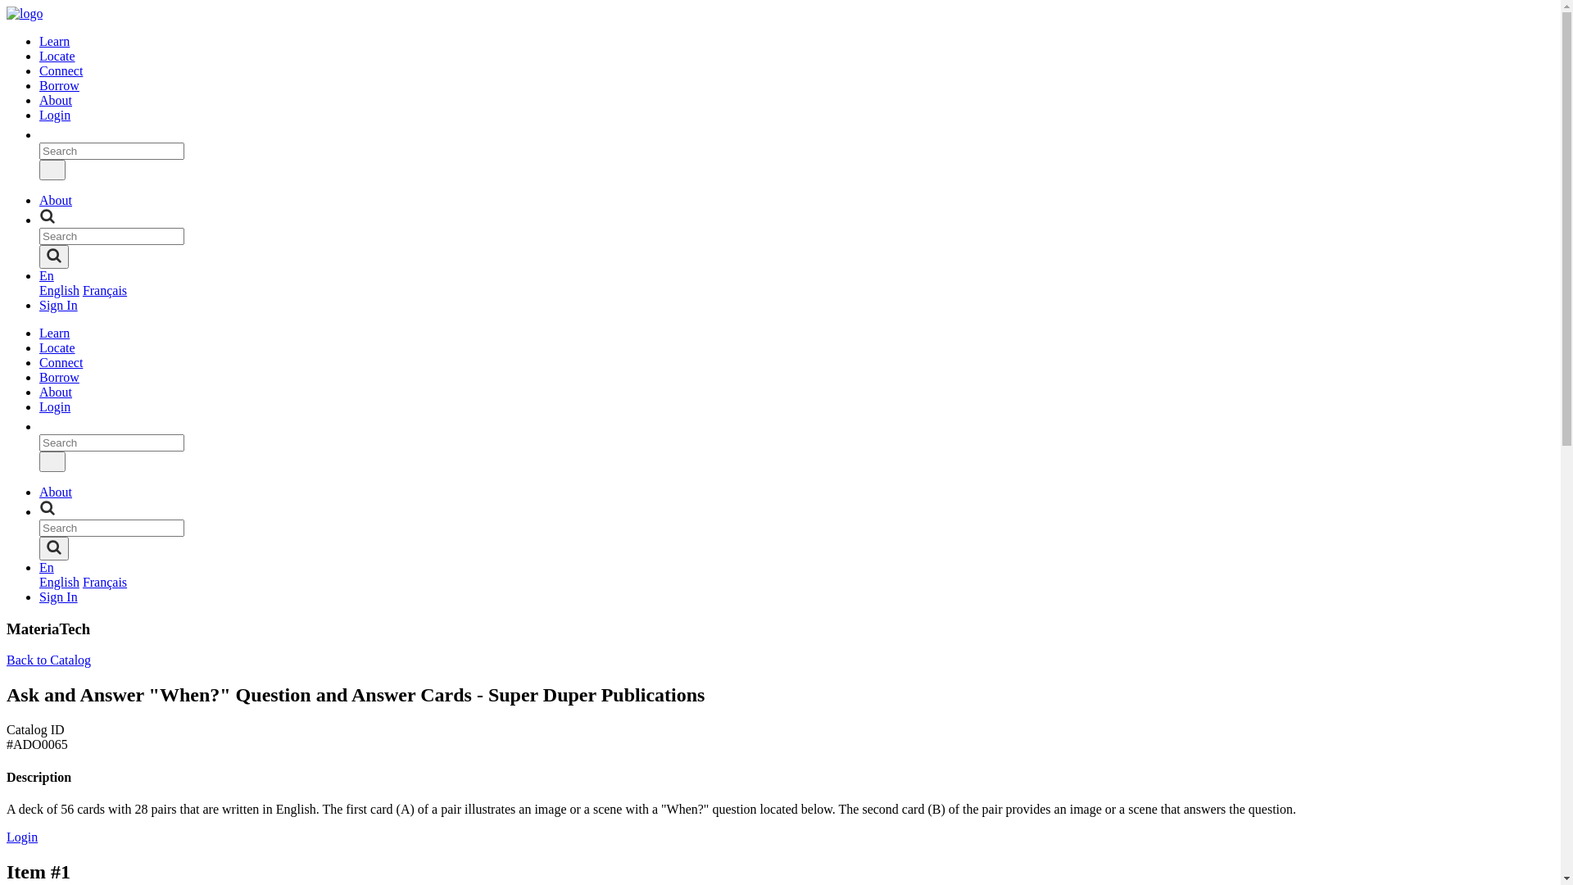 This screenshot has height=885, width=1573. Describe the element at coordinates (61, 70) in the screenshot. I see `'Connect'` at that location.